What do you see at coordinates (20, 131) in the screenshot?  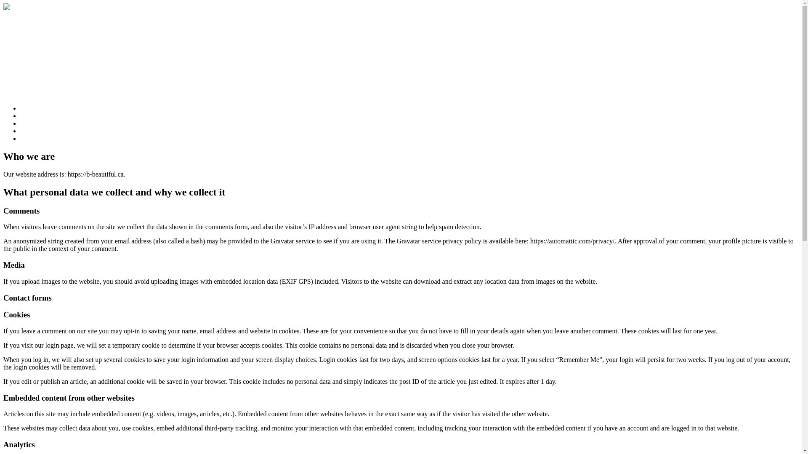 I see `'GALLERY'` at bounding box center [20, 131].